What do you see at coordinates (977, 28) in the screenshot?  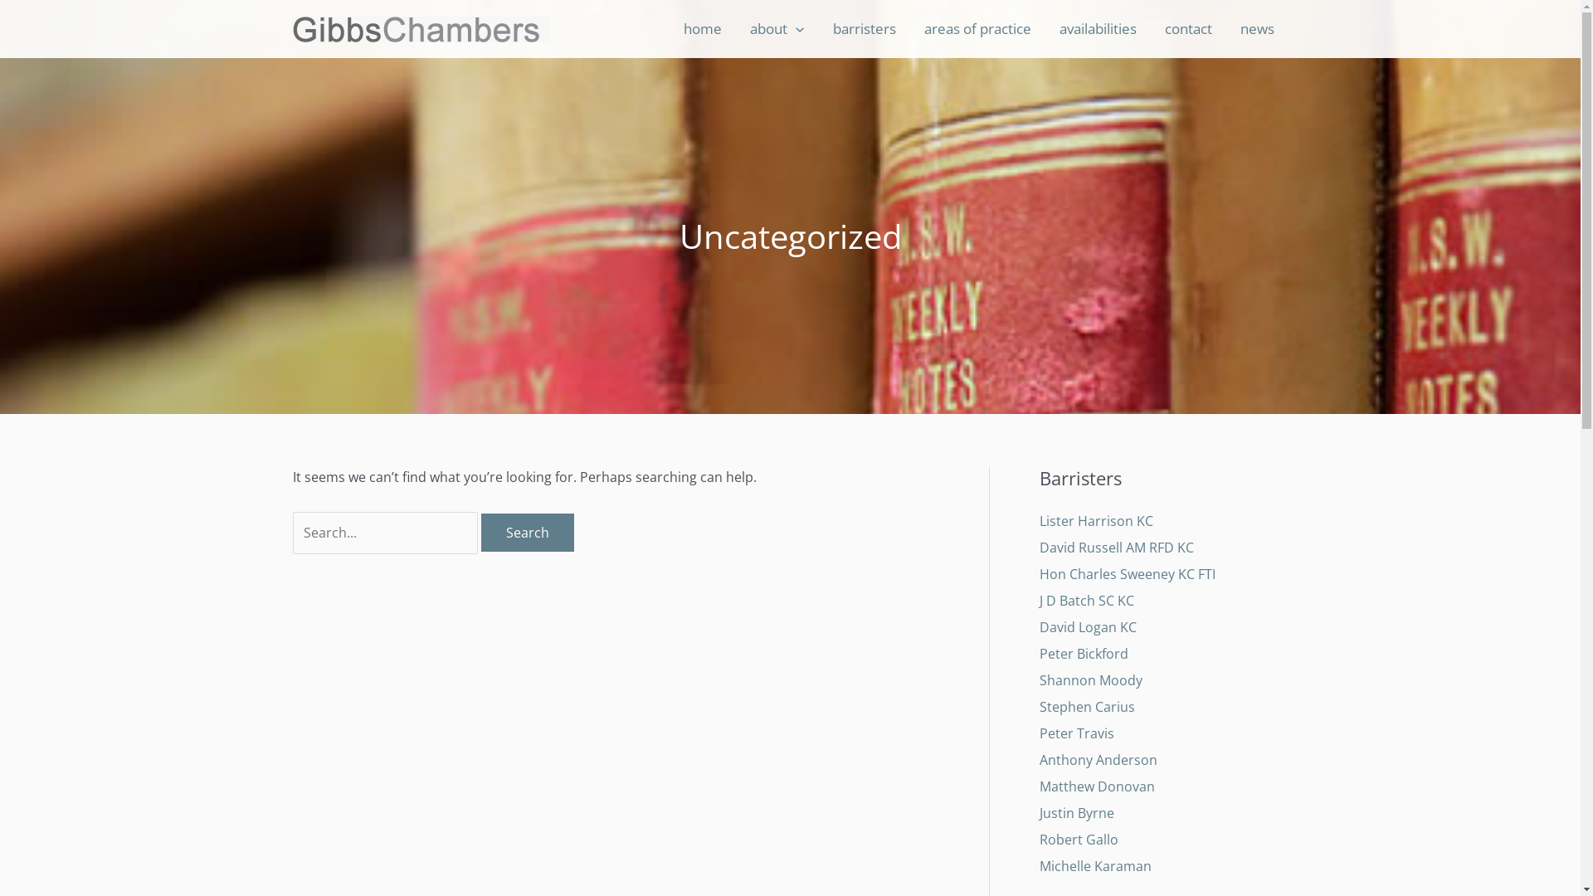 I see `'areas of practice'` at bounding box center [977, 28].